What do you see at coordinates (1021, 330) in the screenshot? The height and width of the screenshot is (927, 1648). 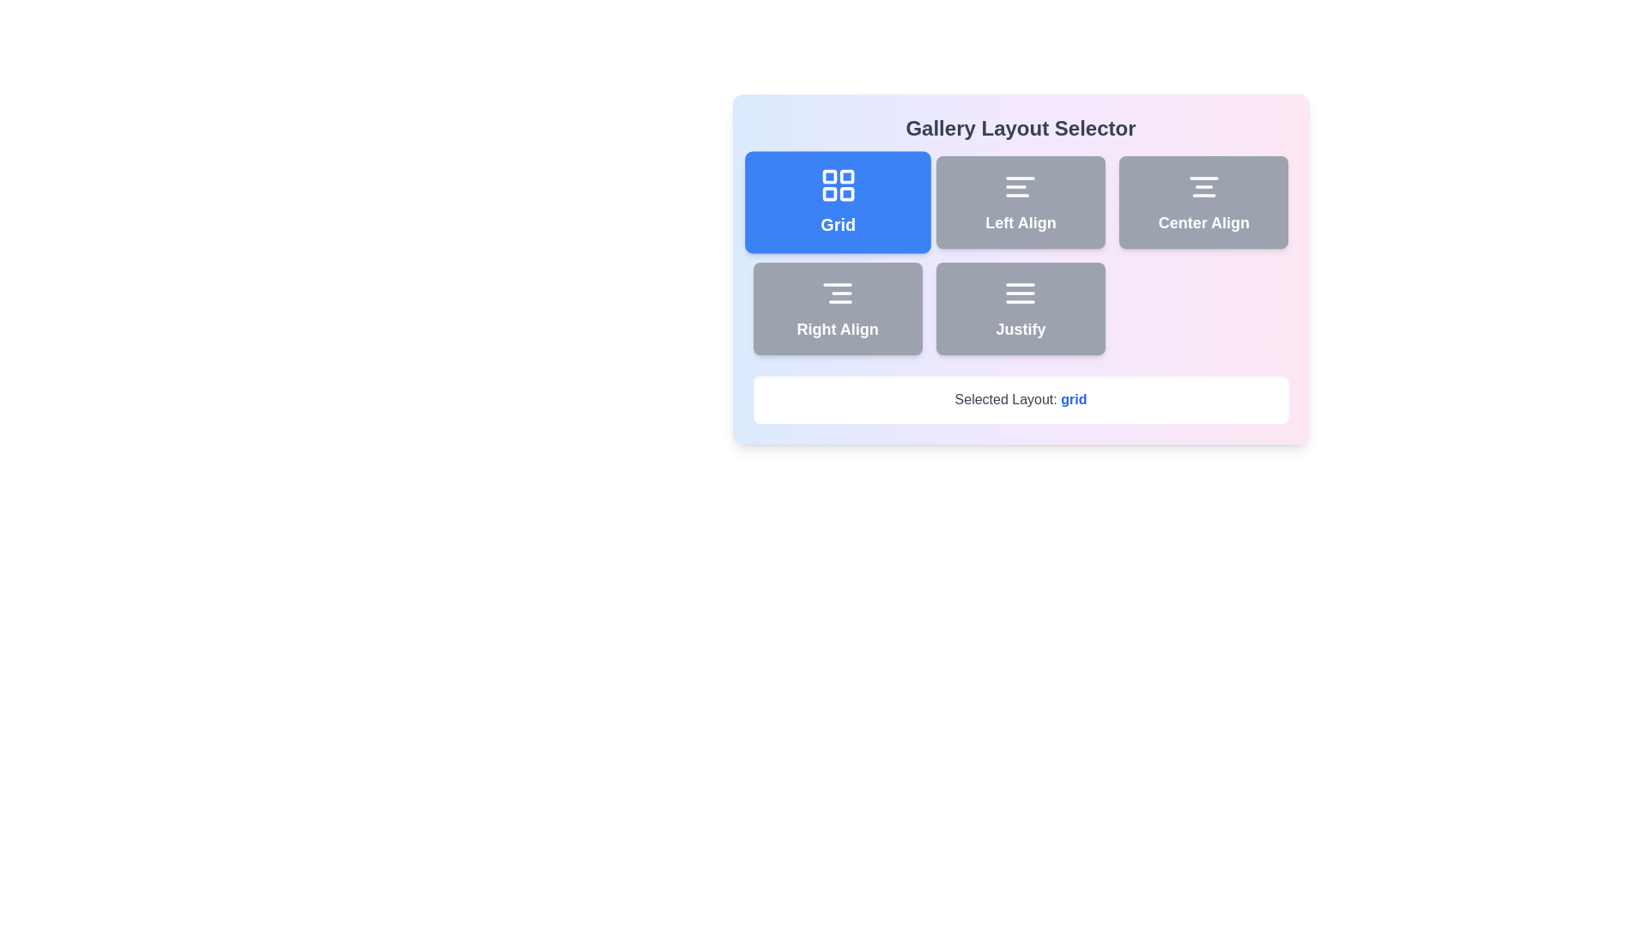 I see `the 'Justify' text label, which is located in a light gray rectangle and styled with a bold font, positioned in the bottom-right quadrant of the interface` at bounding box center [1021, 330].